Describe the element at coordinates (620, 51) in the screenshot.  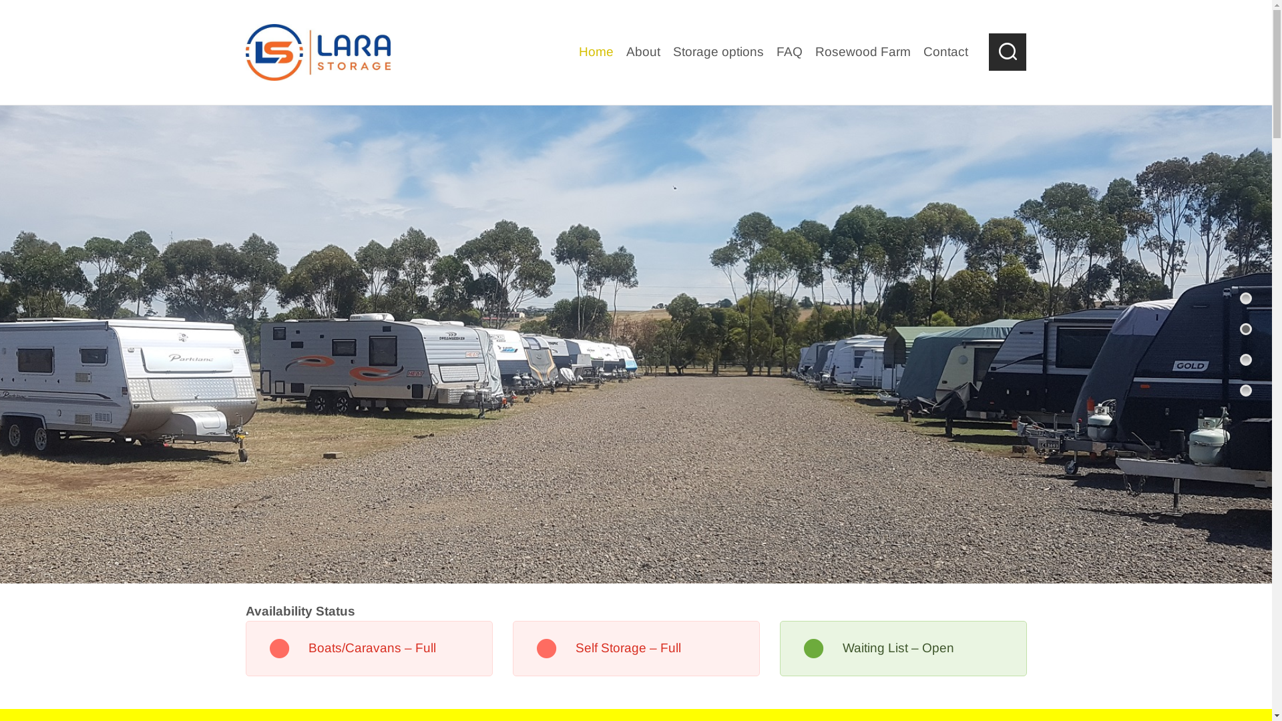
I see `'About'` at that location.